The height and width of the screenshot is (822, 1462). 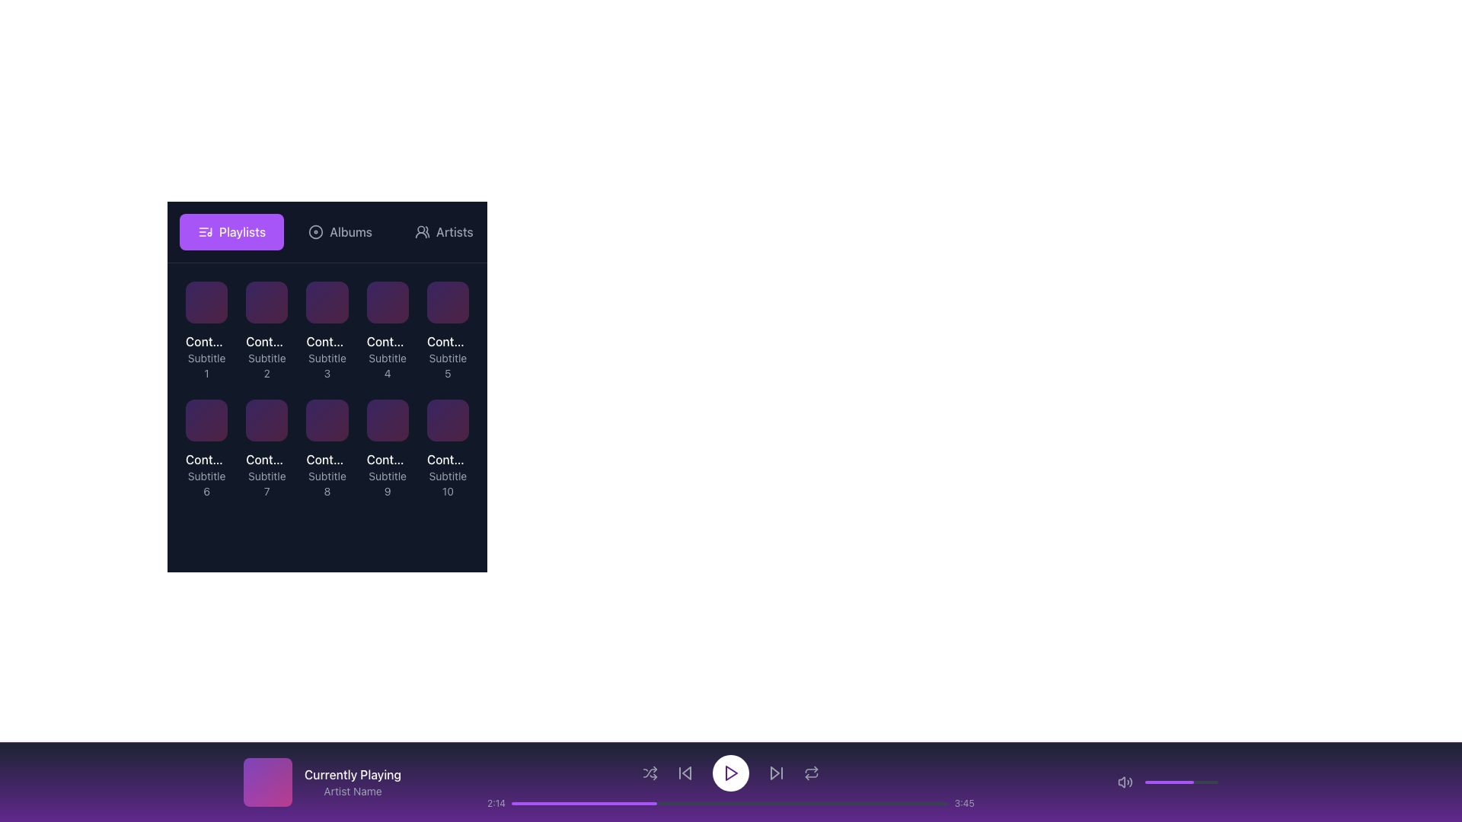 I want to click on the SVG Play Button icon, which is styled in white and located within a semi-transparent purple overlay on the 10th card labeled 'Cont... Subtitle 10', so click(x=447, y=448).